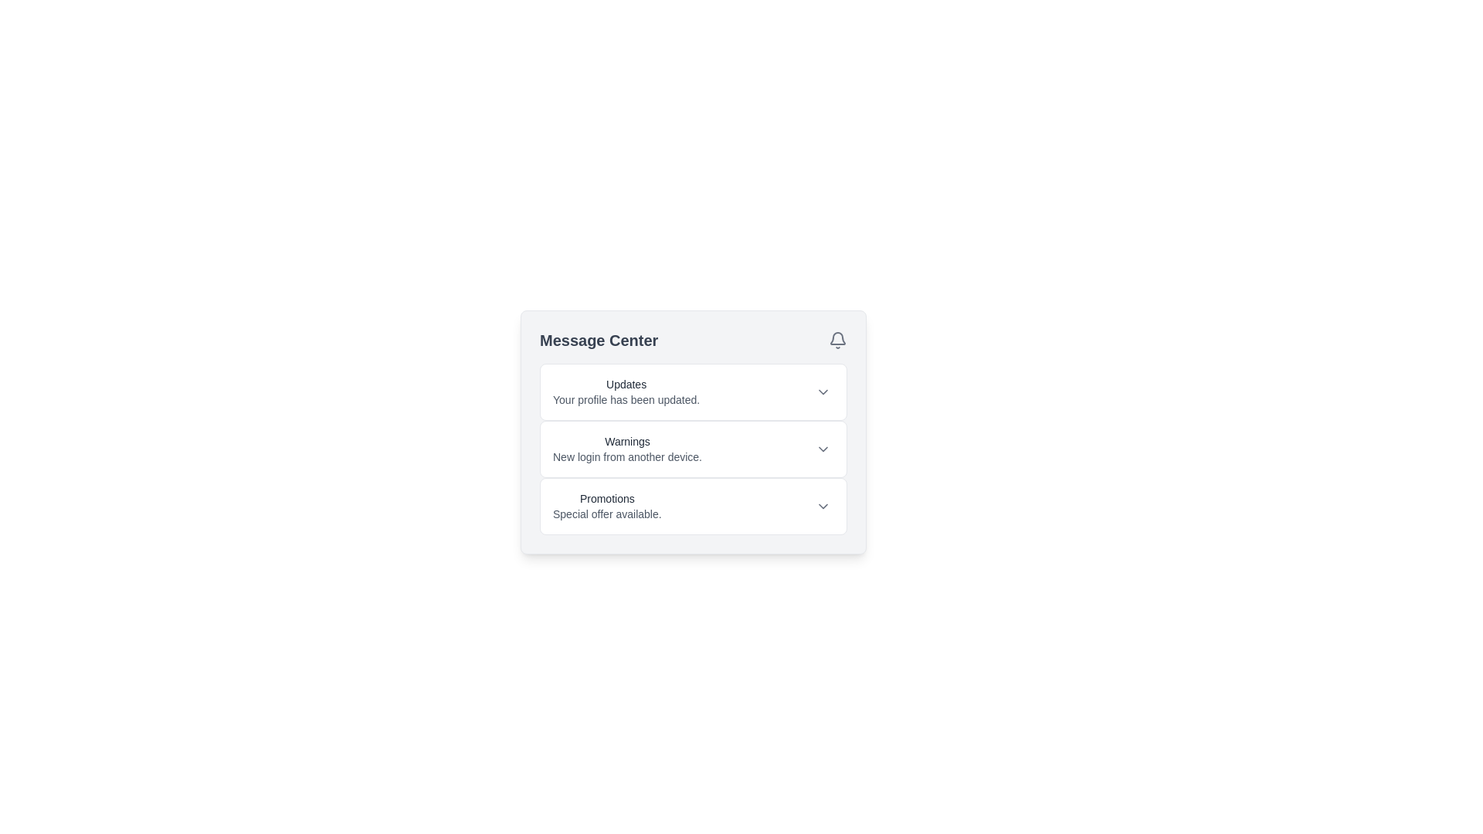  Describe the element at coordinates (692, 449) in the screenshot. I see `the downward arrow icon of the 'Warnings' expandable notification item` at that location.